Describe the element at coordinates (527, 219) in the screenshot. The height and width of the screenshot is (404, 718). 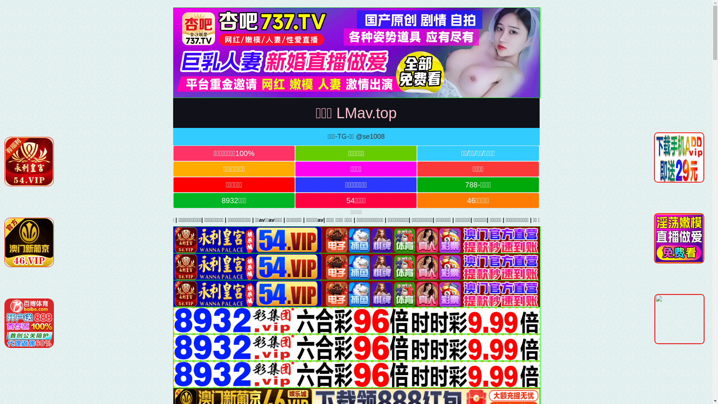
I see `'|'` at that location.